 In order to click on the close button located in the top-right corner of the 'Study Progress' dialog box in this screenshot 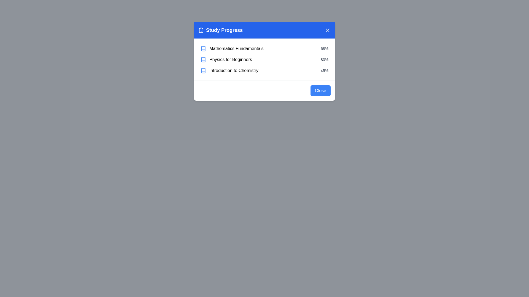, I will do `click(328, 30)`.